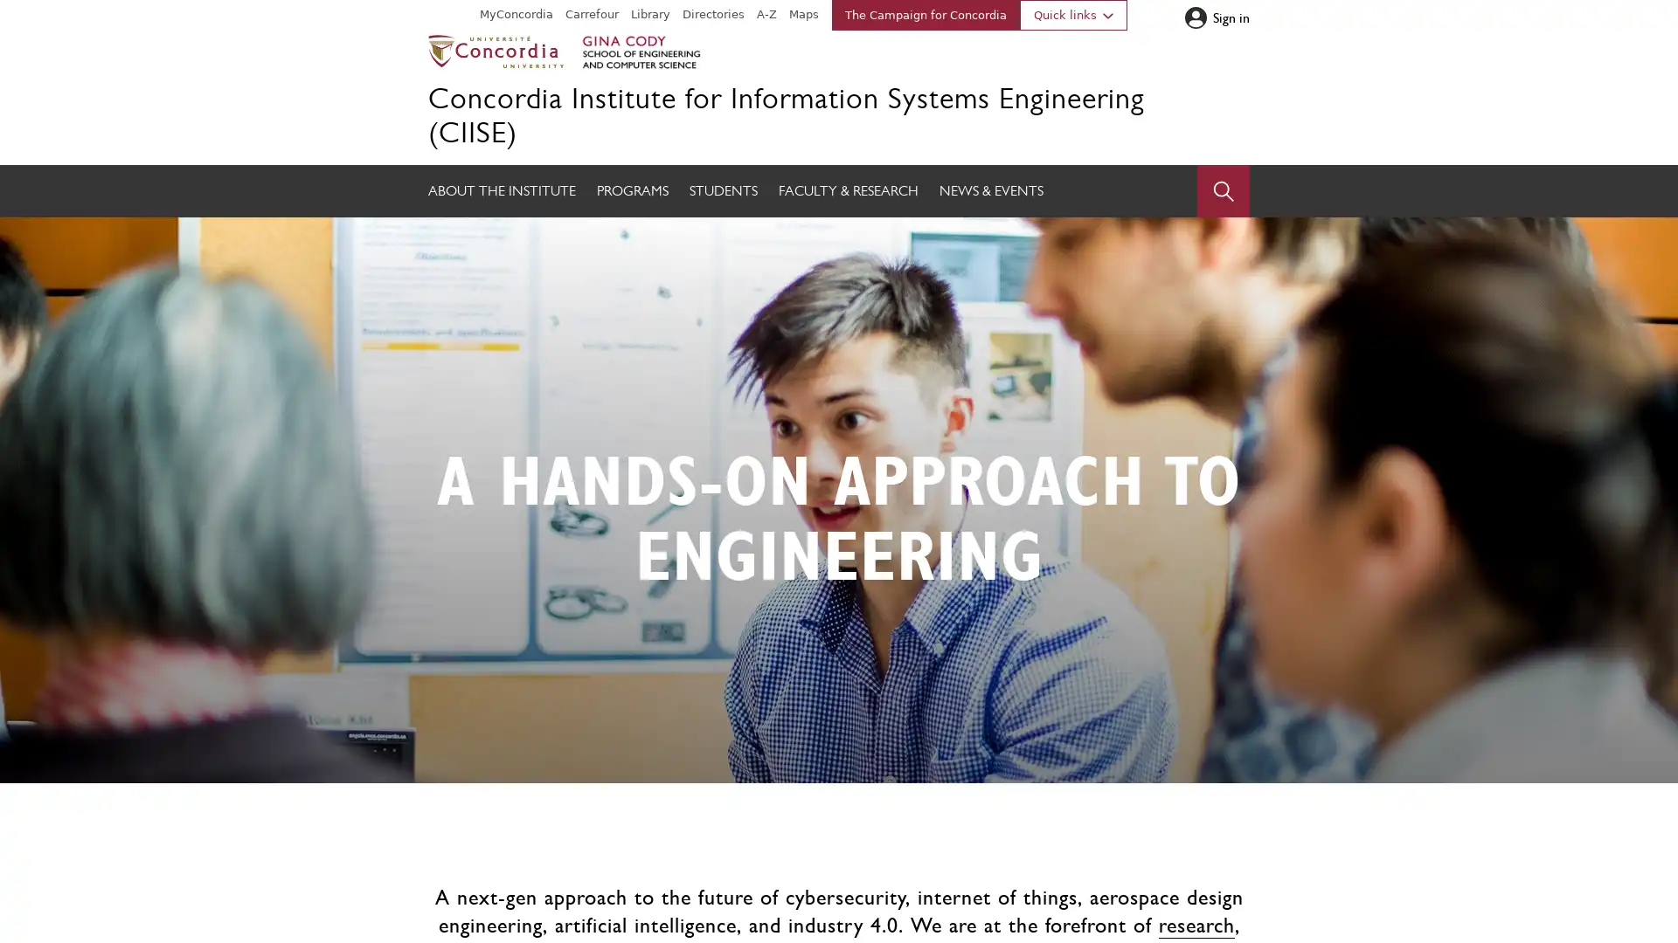 The height and width of the screenshot is (943, 1678). Describe the element at coordinates (632, 191) in the screenshot. I see `PROGRAMS` at that location.